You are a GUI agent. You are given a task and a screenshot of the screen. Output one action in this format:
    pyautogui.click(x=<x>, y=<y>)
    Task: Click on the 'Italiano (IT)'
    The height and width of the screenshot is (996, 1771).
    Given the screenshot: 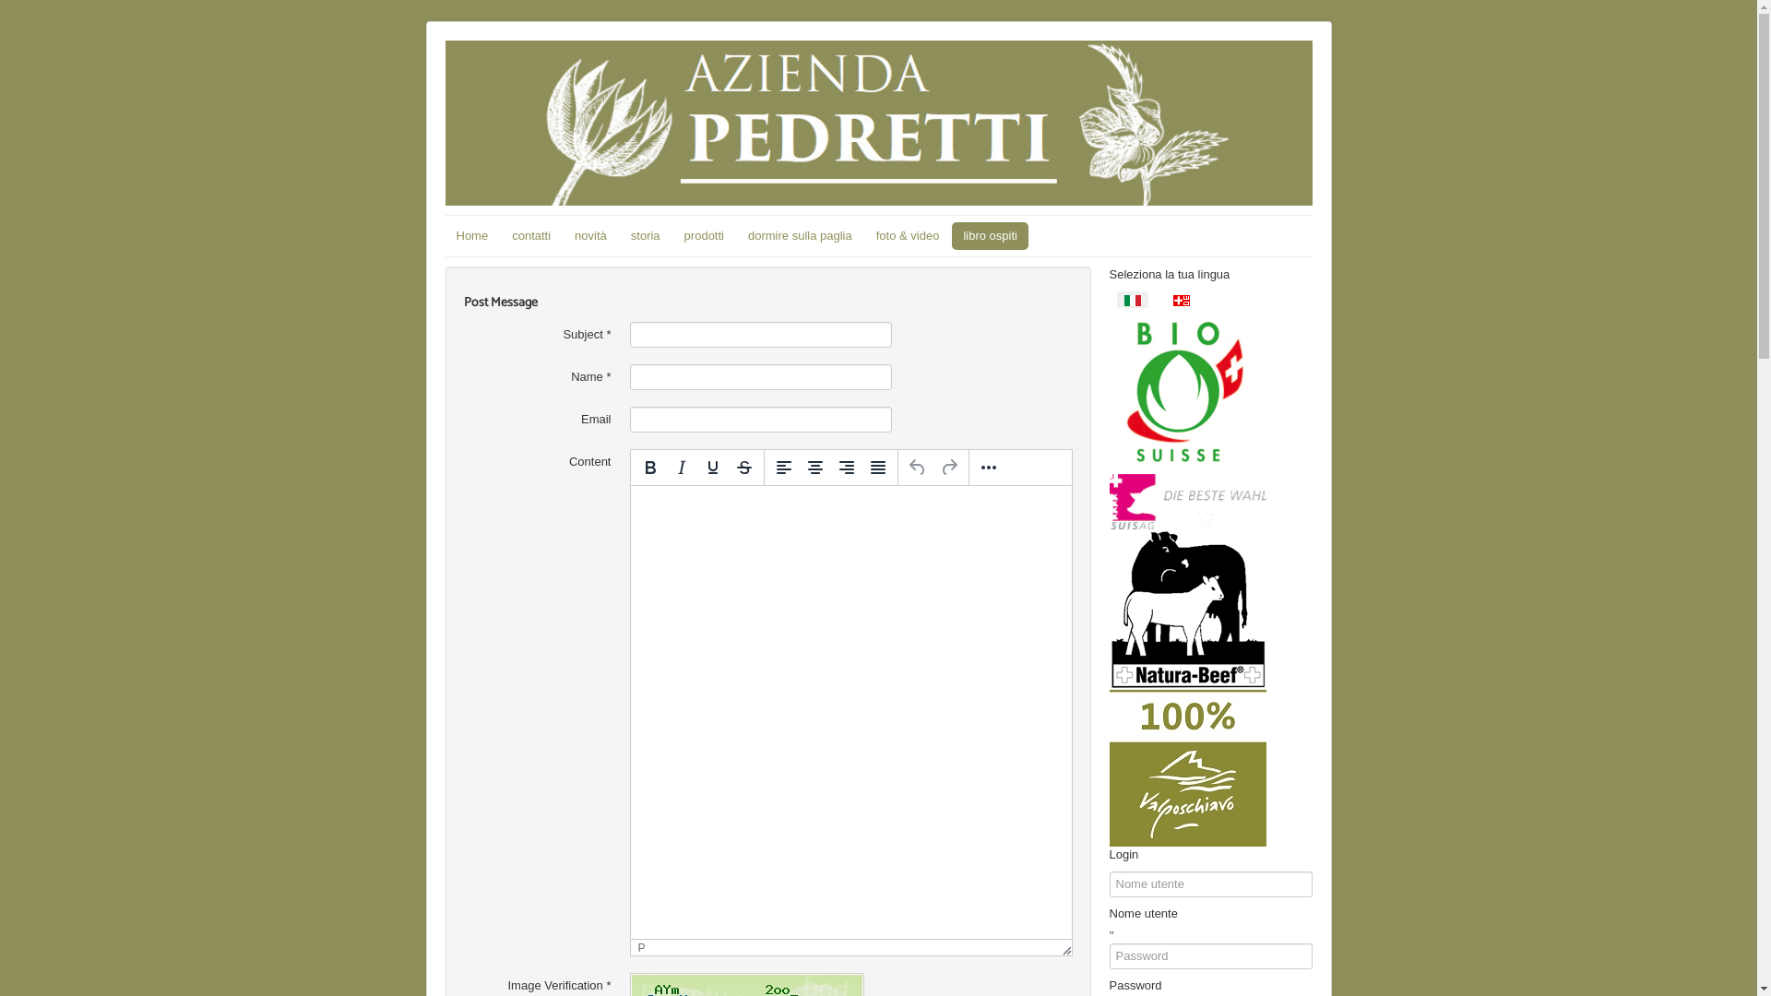 What is the action you would take?
    pyautogui.click(x=1131, y=300)
    